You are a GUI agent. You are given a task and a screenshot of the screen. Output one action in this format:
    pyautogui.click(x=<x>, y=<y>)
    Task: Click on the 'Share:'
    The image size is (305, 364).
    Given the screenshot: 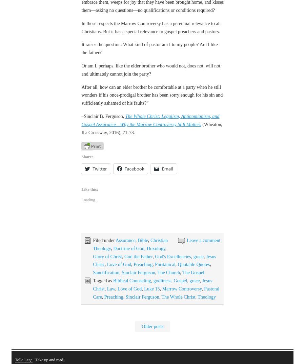 What is the action you would take?
    pyautogui.click(x=87, y=138)
    